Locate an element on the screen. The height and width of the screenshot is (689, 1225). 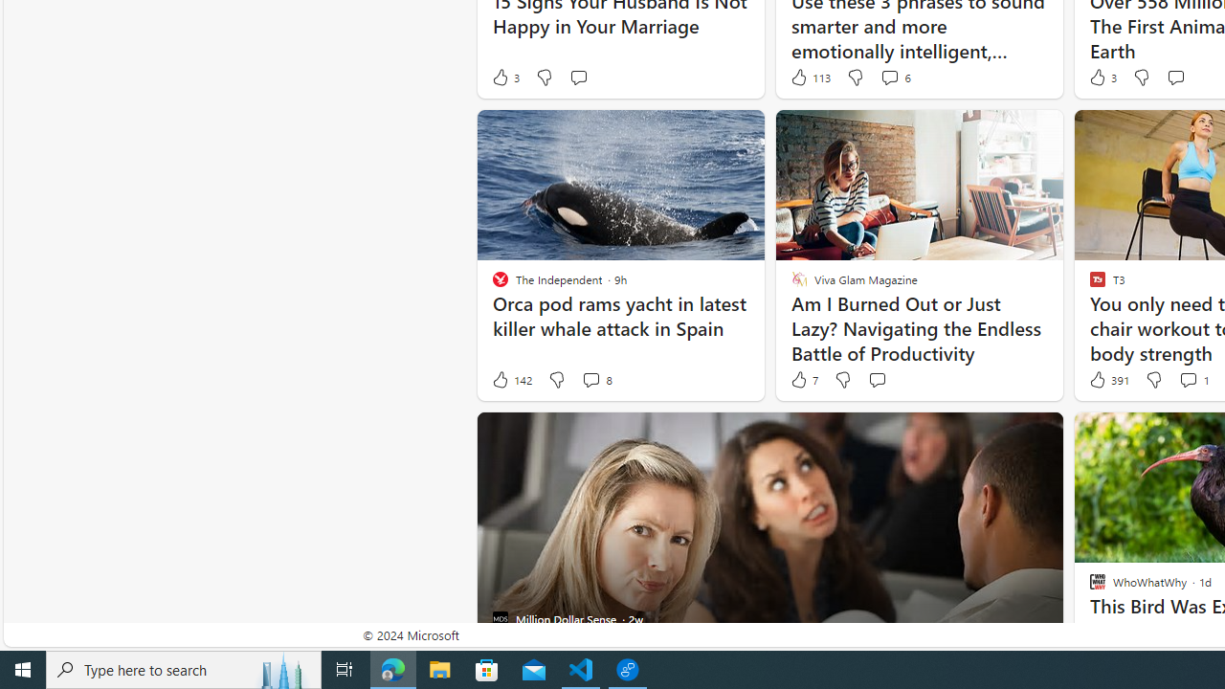
'7 Like' is located at coordinates (803, 380).